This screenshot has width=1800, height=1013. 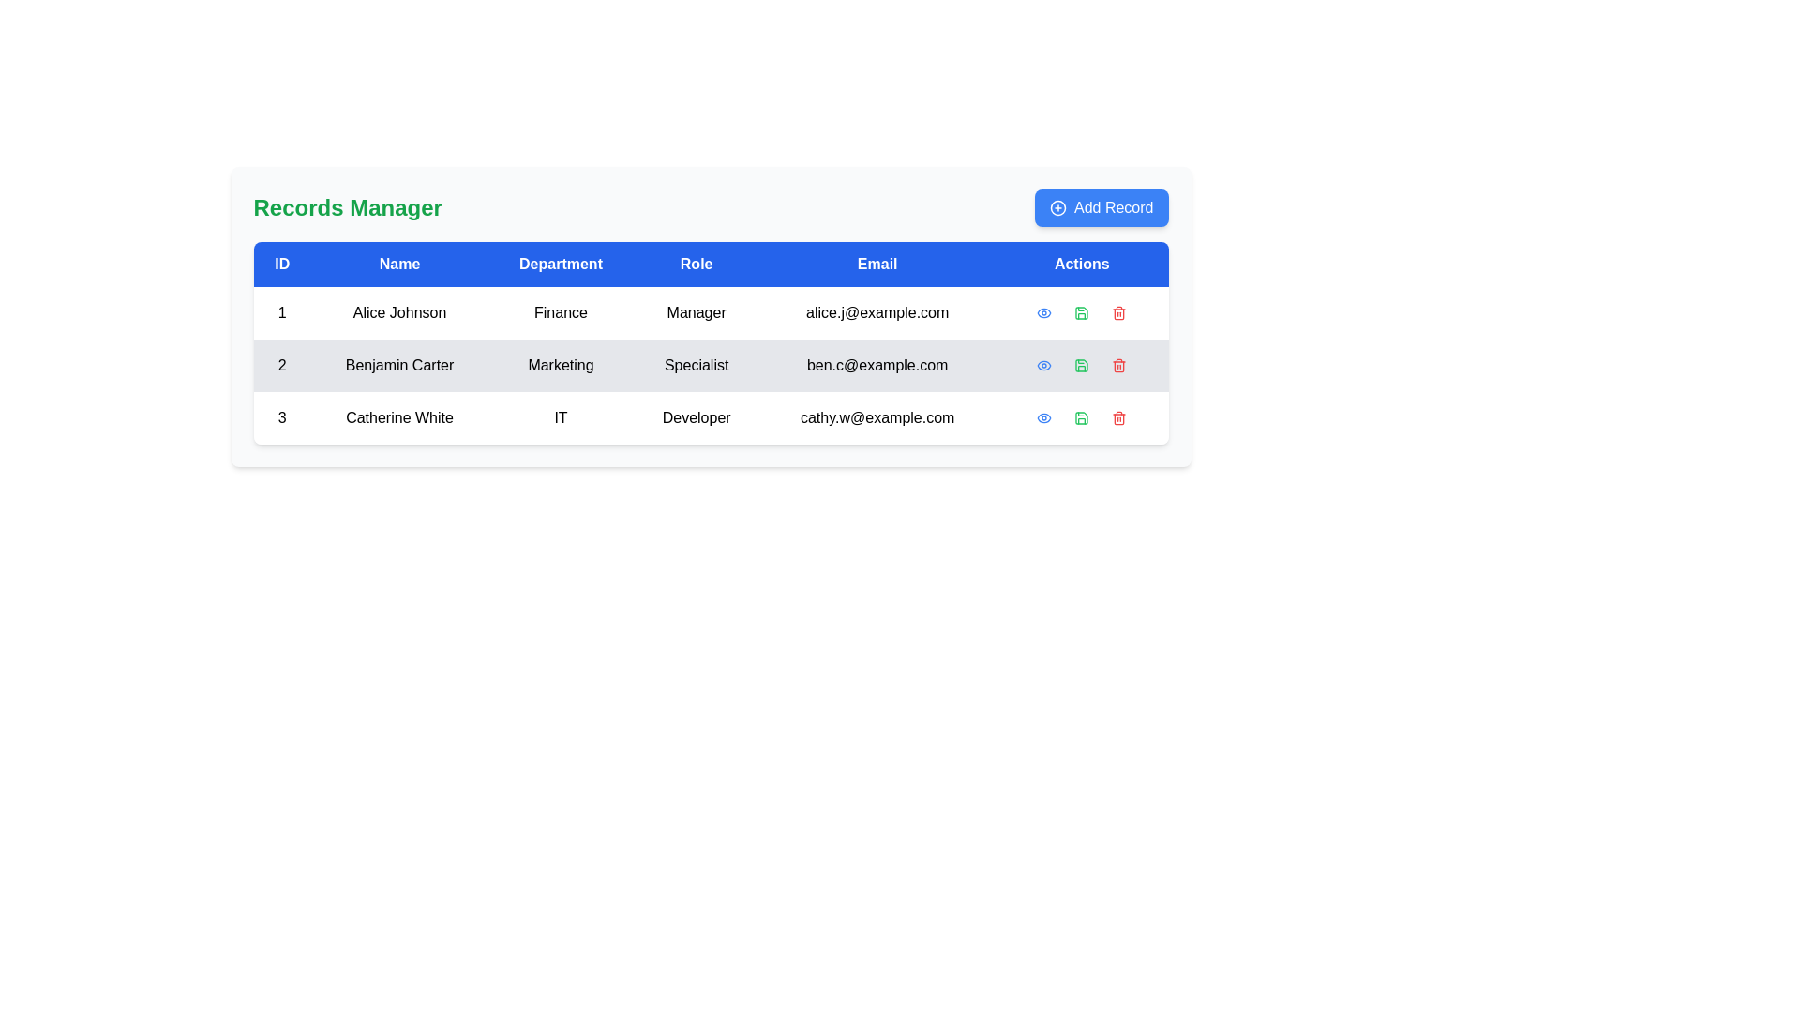 What do you see at coordinates (398, 365) in the screenshot?
I see `text from the Text label displaying 'Benjamin Carter' in the second row of the table under the 'Name' column` at bounding box center [398, 365].